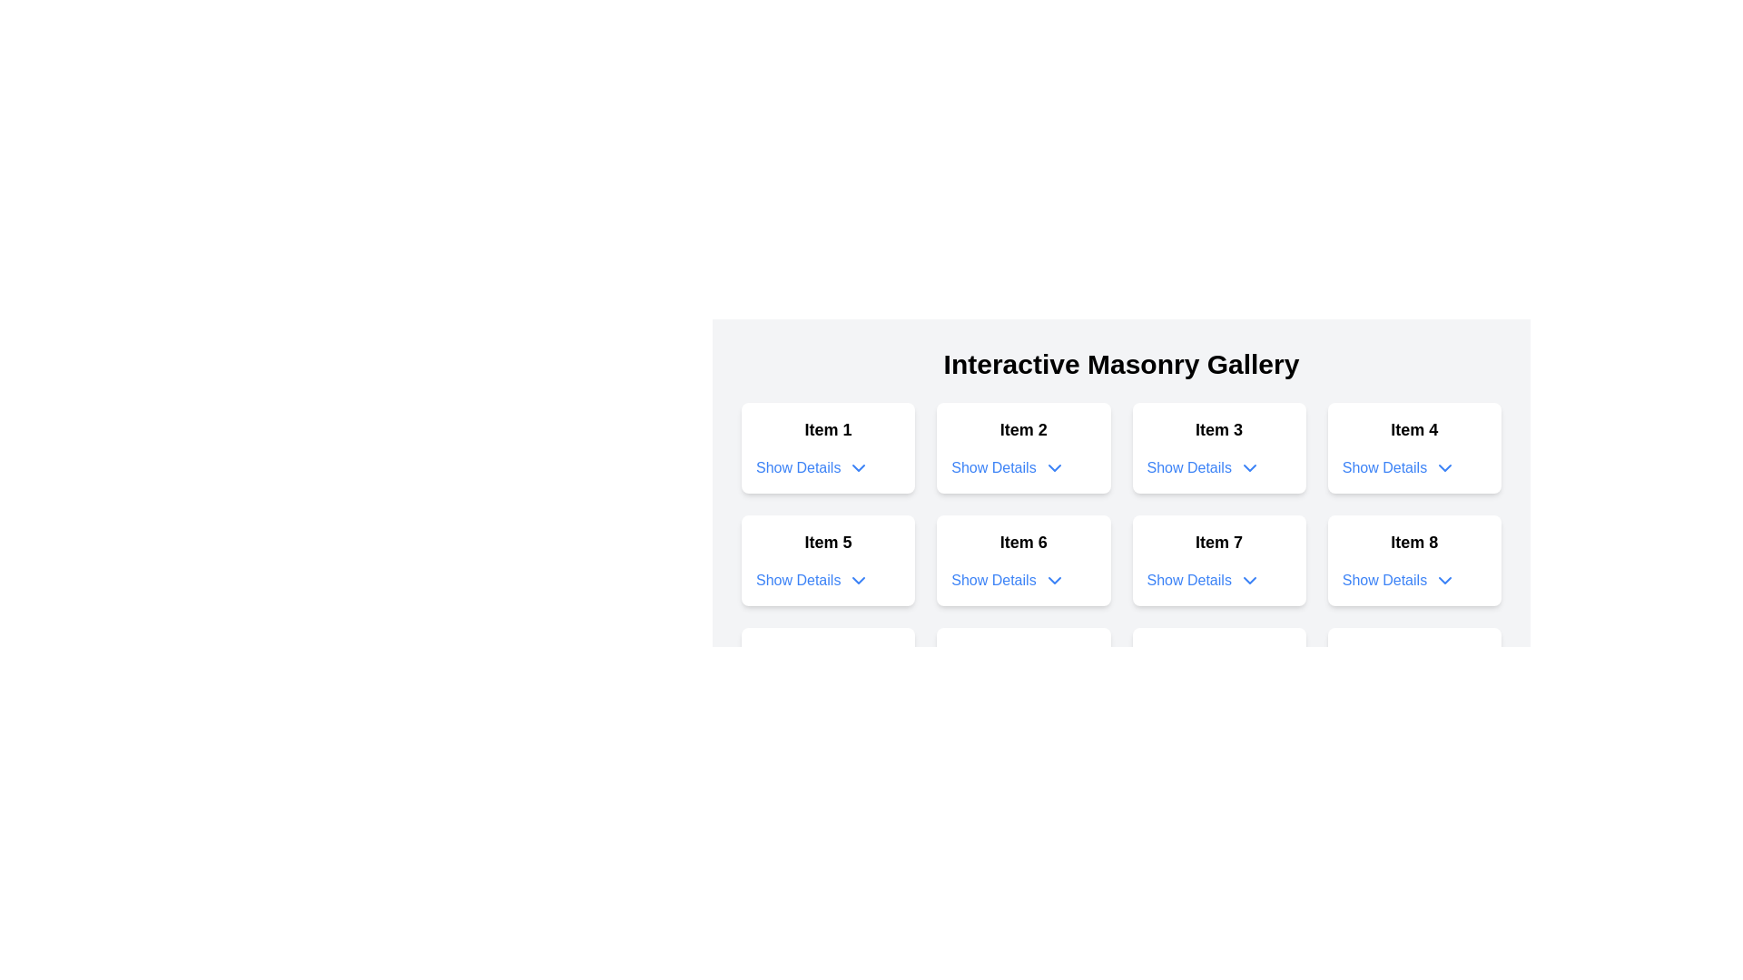 The width and height of the screenshot is (1743, 980). What do you see at coordinates (1248, 467) in the screenshot?
I see `the downward-facing chevron icon next to 'Show Details'` at bounding box center [1248, 467].